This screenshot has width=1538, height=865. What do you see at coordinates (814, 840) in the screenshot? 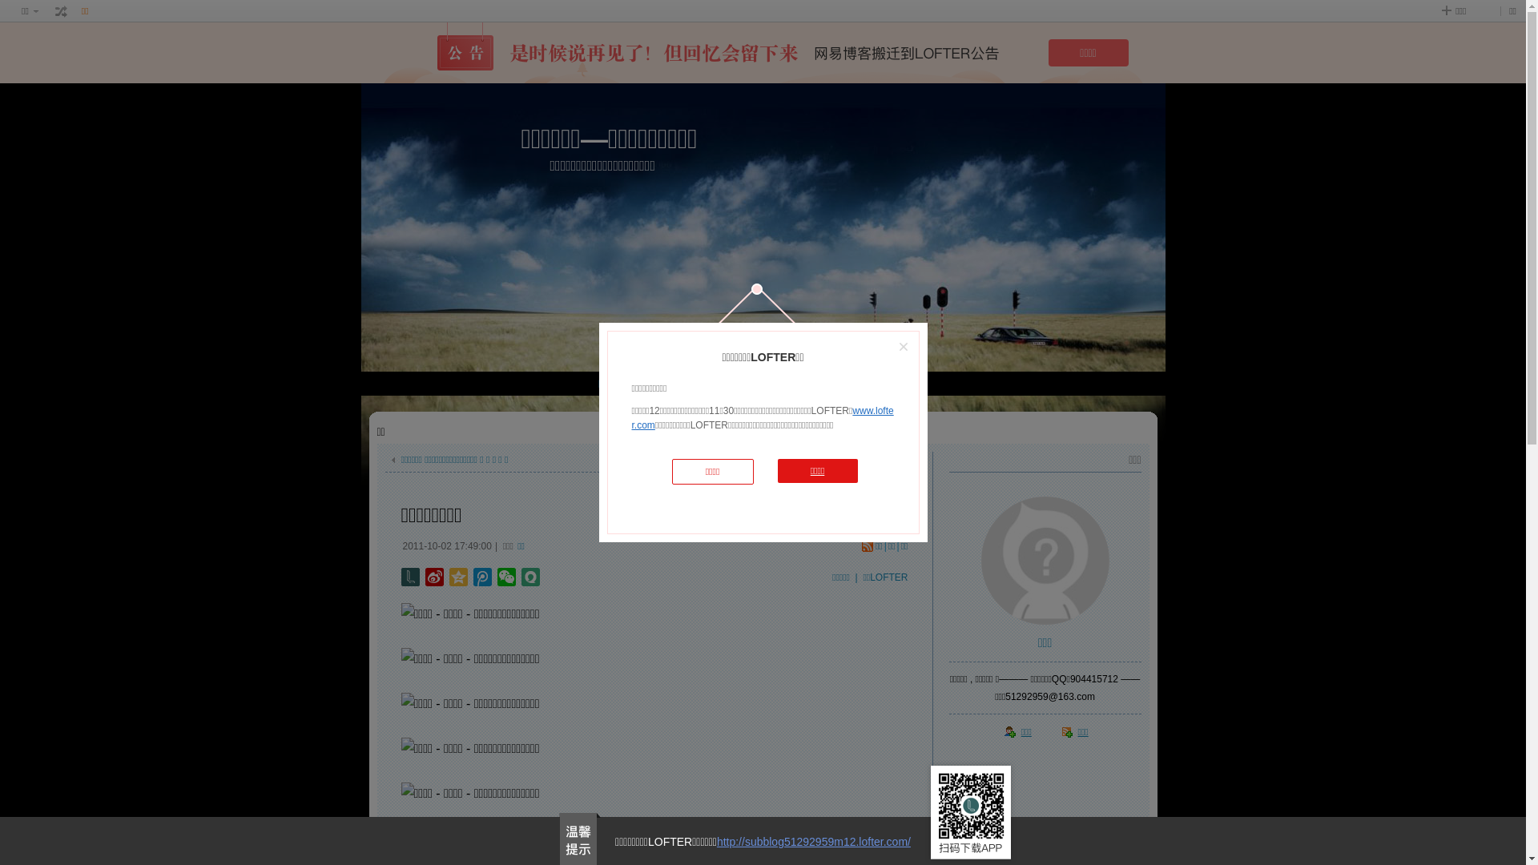
I see `'http://subblog51292959m12.lofter.com/'` at bounding box center [814, 840].